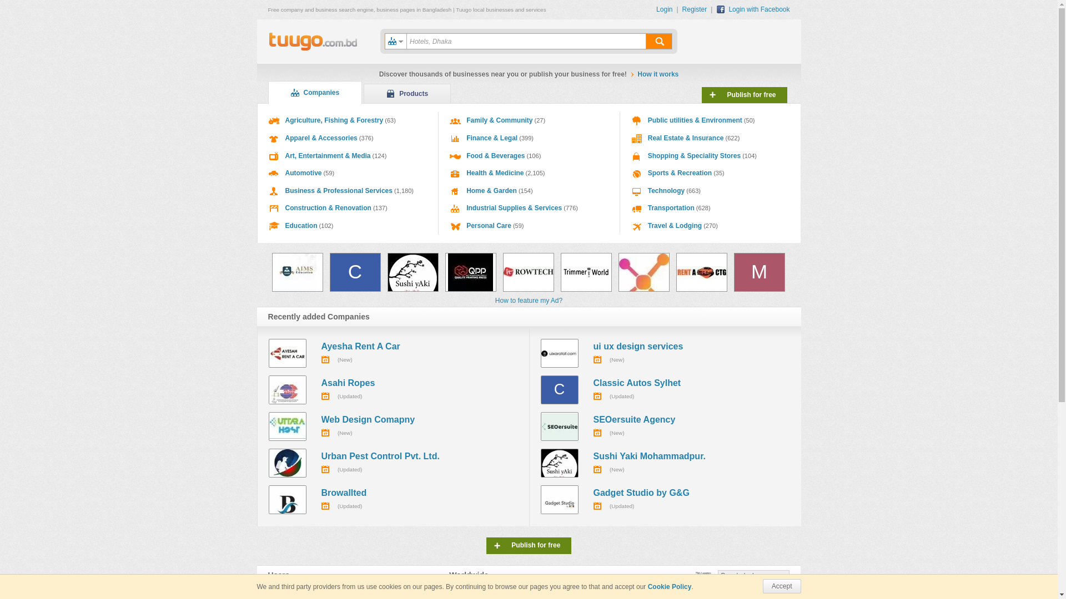 The image size is (1066, 599). What do you see at coordinates (666, 9) in the screenshot?
I see `'Login'` at bounding box center [666, 9].